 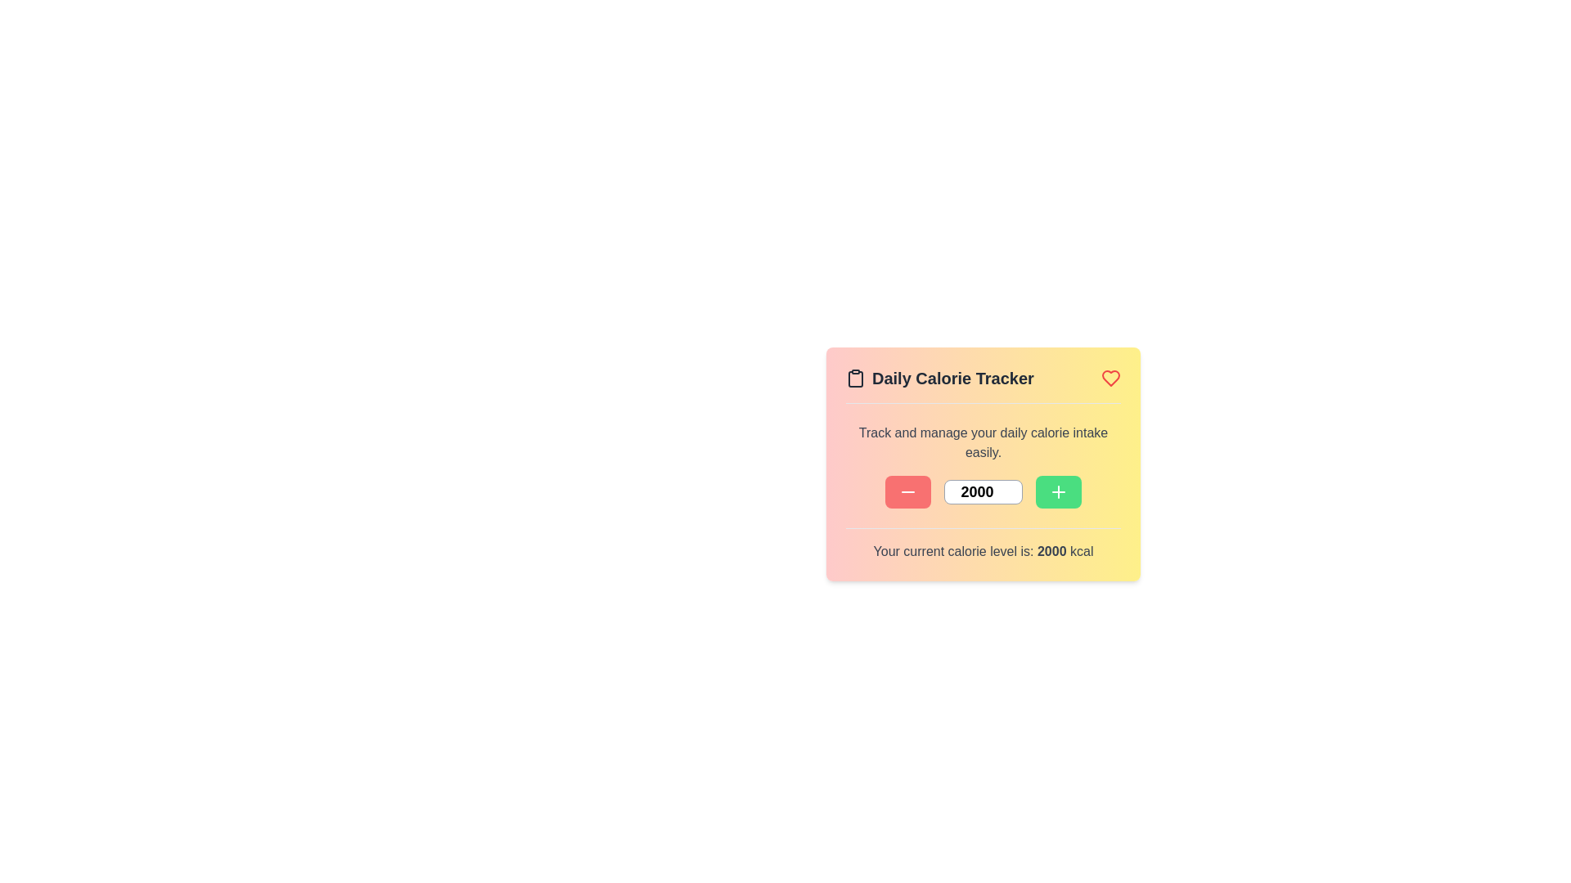 What do you see at coordinates (982, 491) in the screenshot?
I see `inside the number input box that displays '2000'` at bounding box center [982, 491].